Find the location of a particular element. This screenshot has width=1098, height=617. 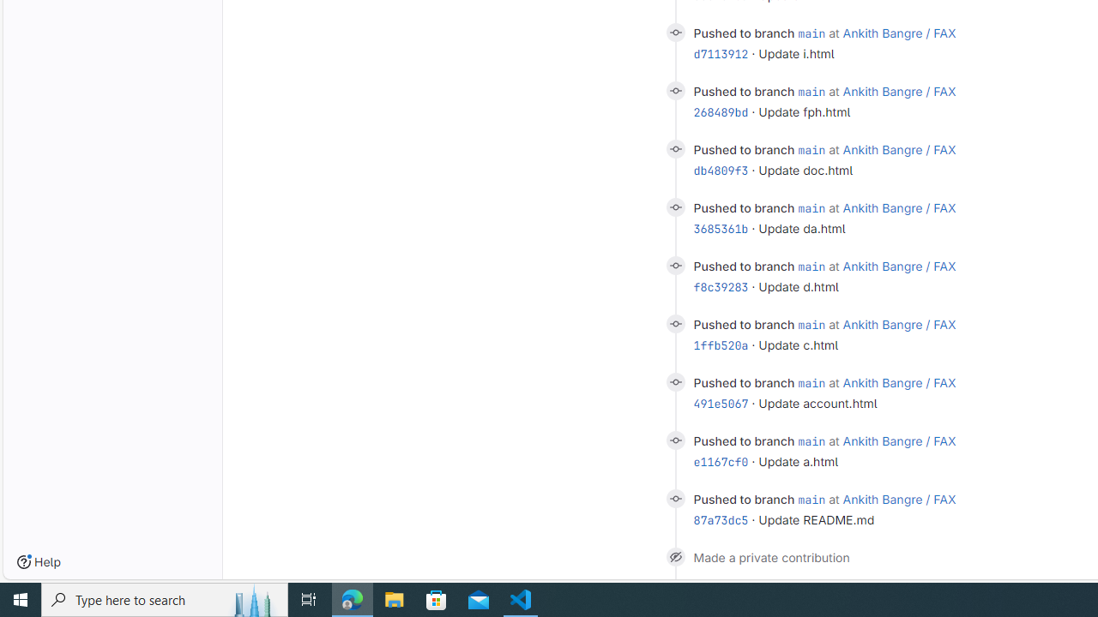

'3685361b' is located at coordinates (721, 227).